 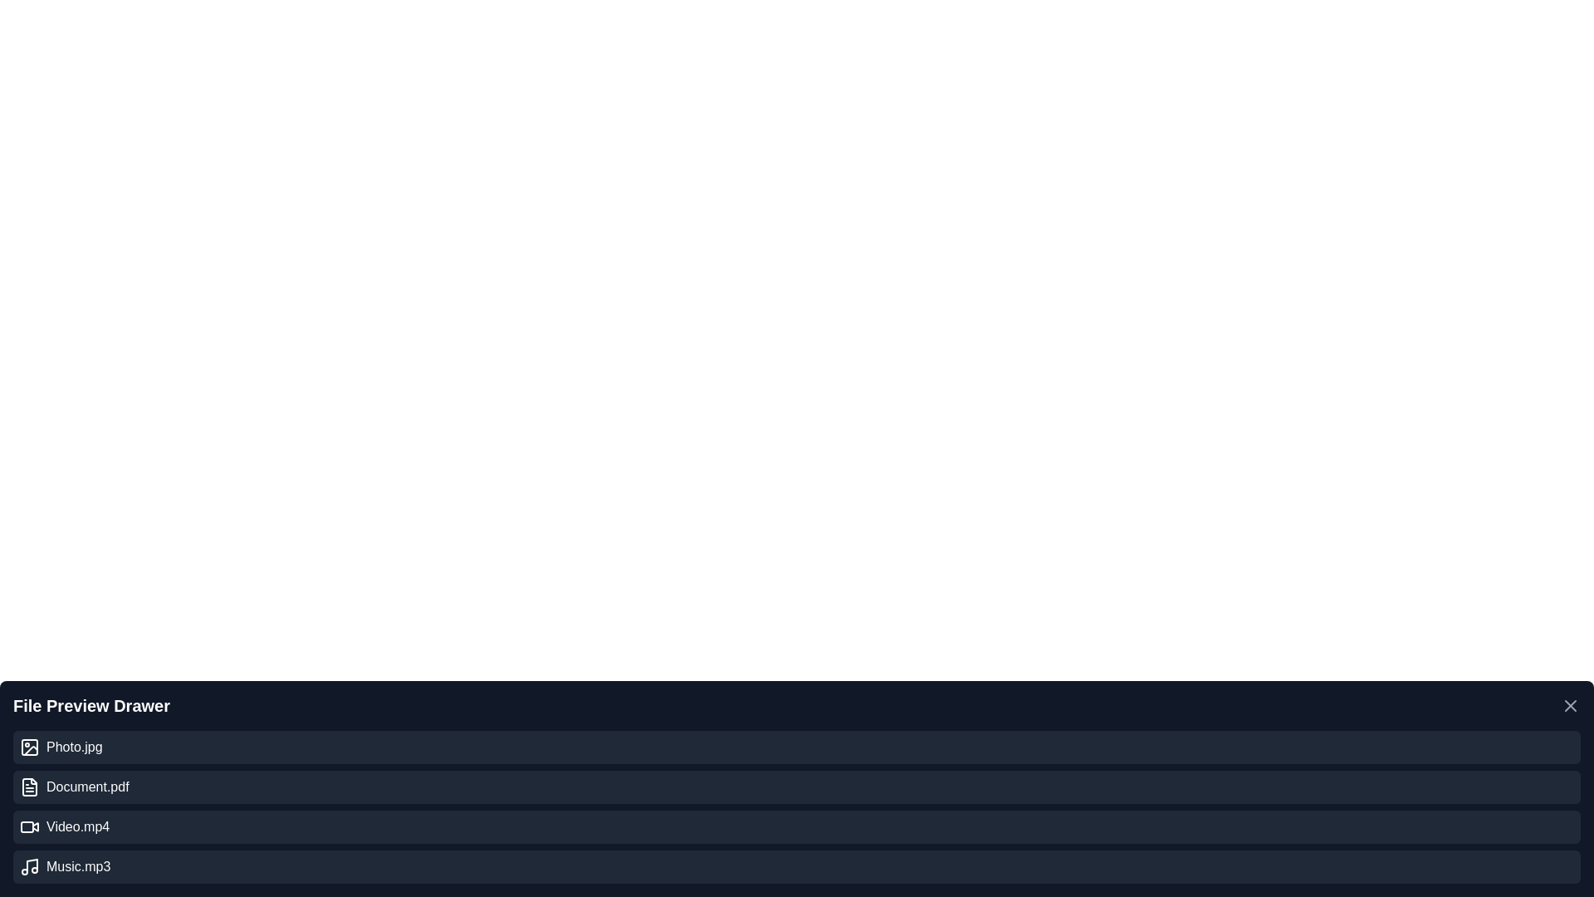 I want to click on the circular button with an 'X' icon located at the top-right corner of the 'File Preview Drawer', so click(x=1569, y=705).